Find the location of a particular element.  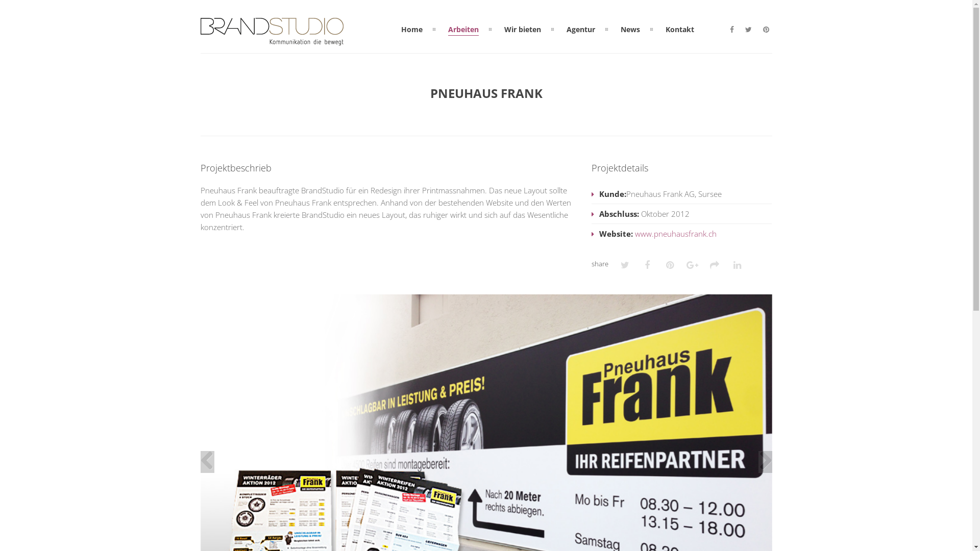

'Next' is located at coordinates (765, 462).